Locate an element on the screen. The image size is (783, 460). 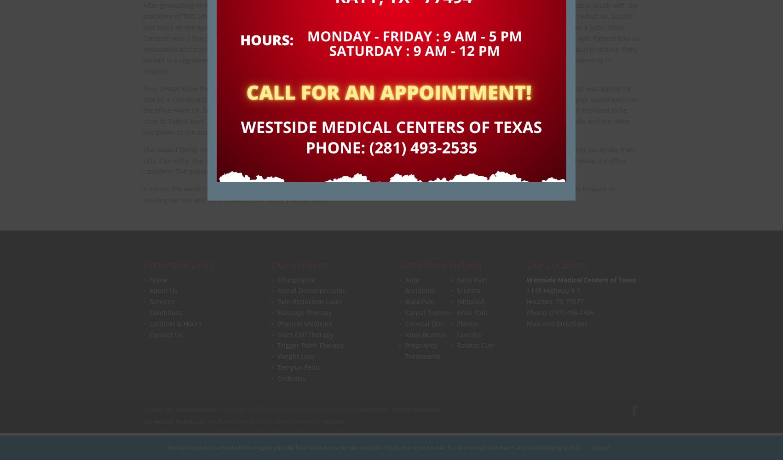
'Sciatica' is located at coordinates (468, 290).